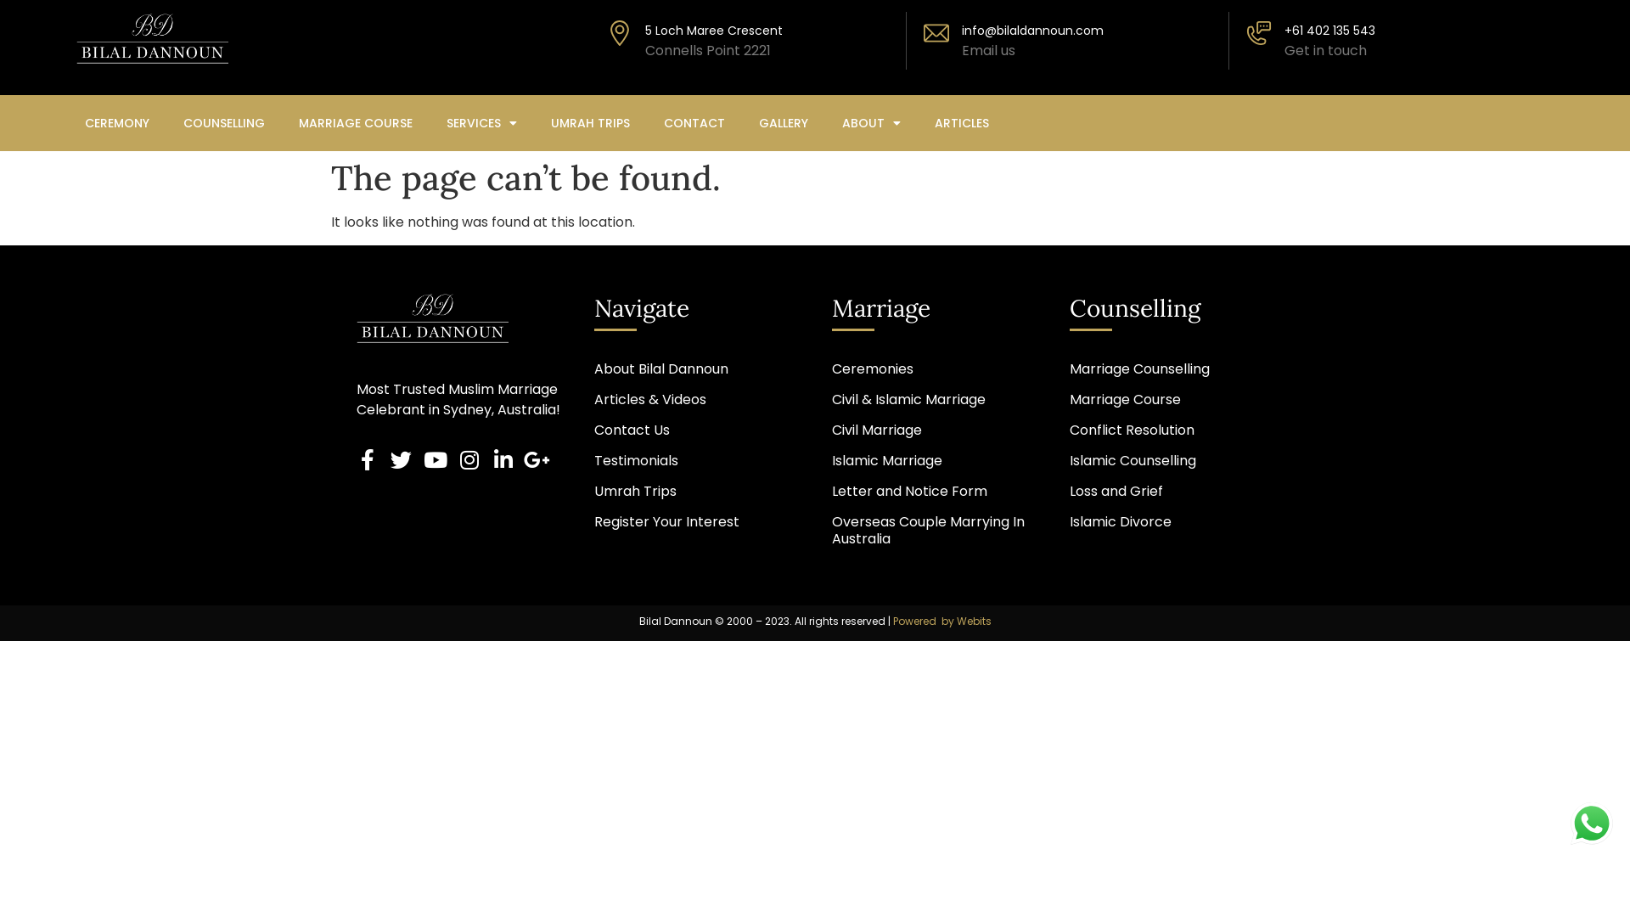 The width and height of the screenshot is (1630, 917). What do you see at coordinates (594, 461) in the screenshot?
I see `'Testimonials'` at bounding box center [594, 461].